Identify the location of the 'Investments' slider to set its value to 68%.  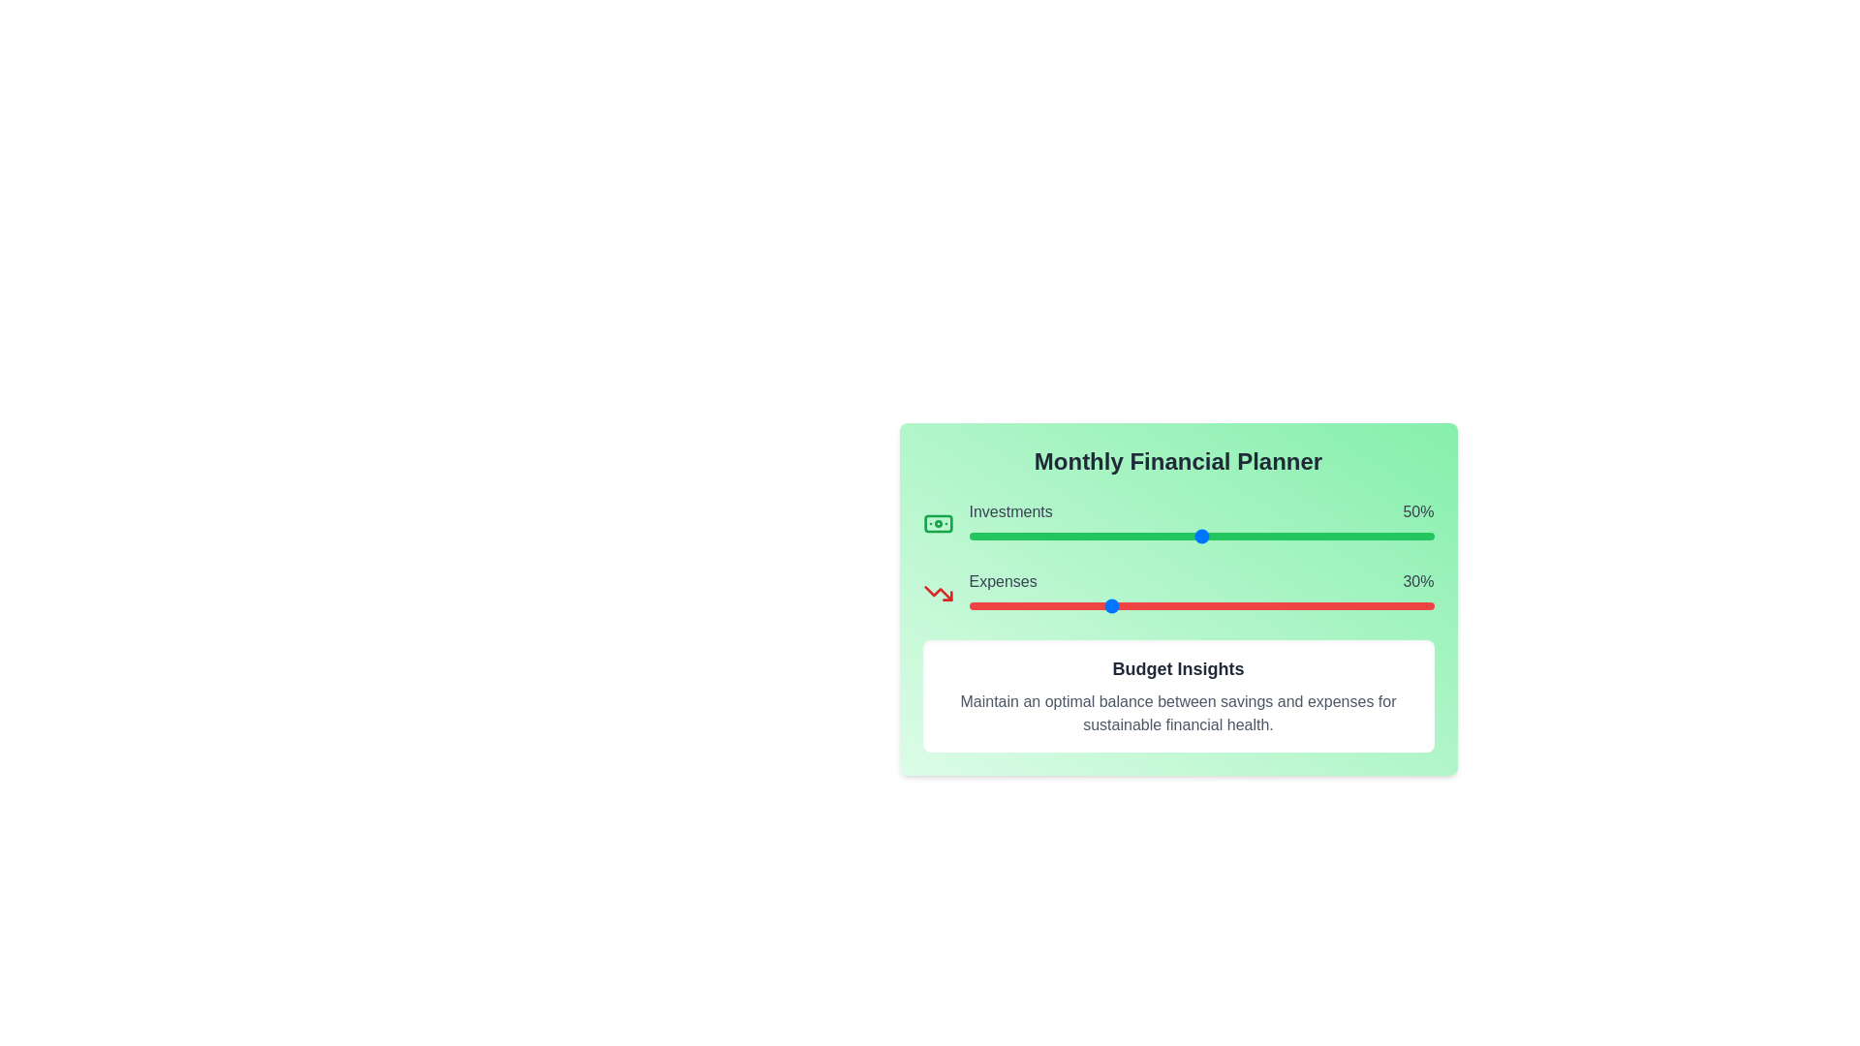
(1285, 537).